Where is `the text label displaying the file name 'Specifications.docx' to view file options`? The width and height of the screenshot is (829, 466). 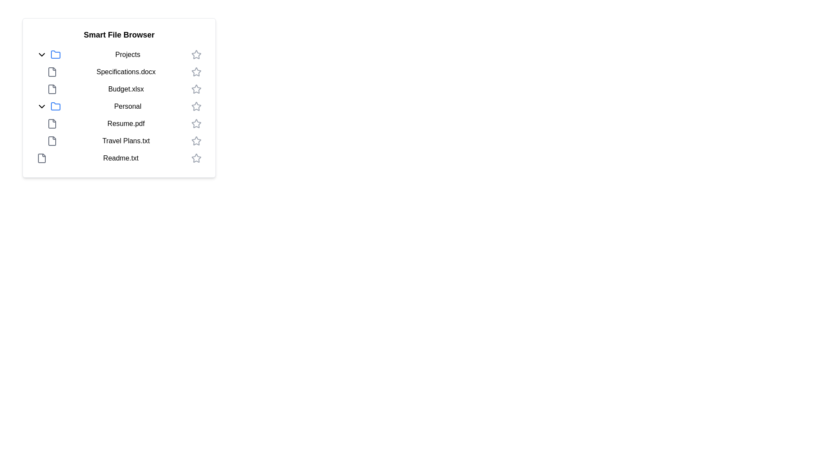
the text label displaying the file name 'Specifications.docx' to view file options is located at coordinates (126, 71).